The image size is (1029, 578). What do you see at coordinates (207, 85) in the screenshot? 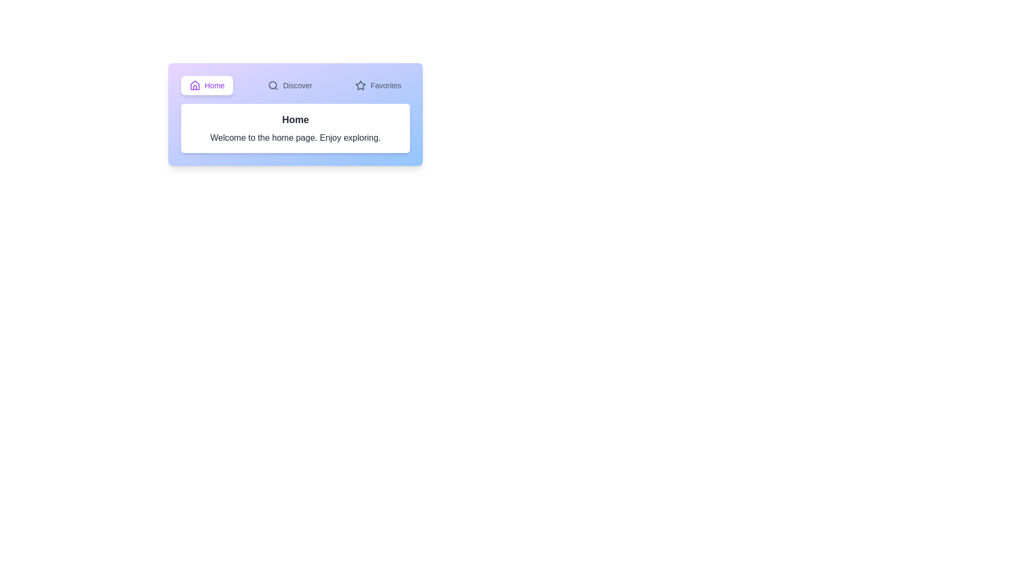
I see `the tab labeled Home to select it` at bounding box center [207, 85].